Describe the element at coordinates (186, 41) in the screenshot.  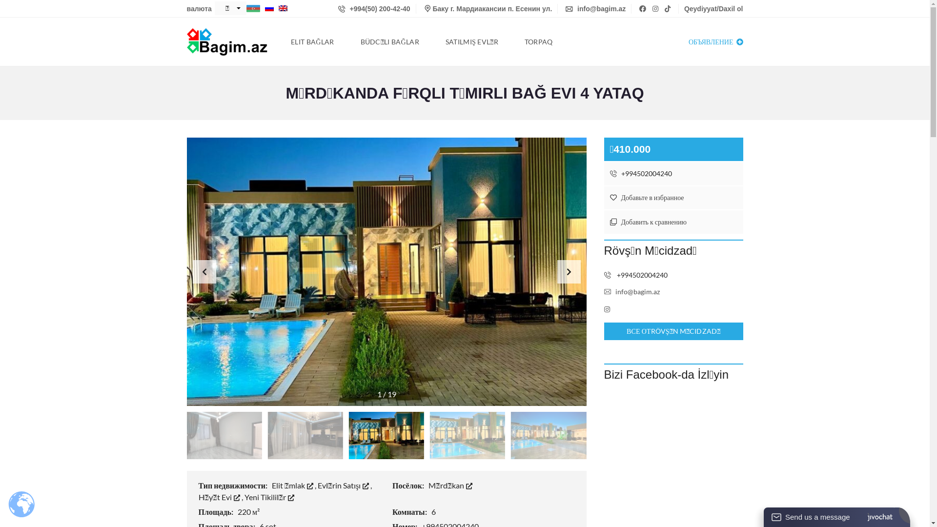
I see `'Bagim.Az'` at that location.